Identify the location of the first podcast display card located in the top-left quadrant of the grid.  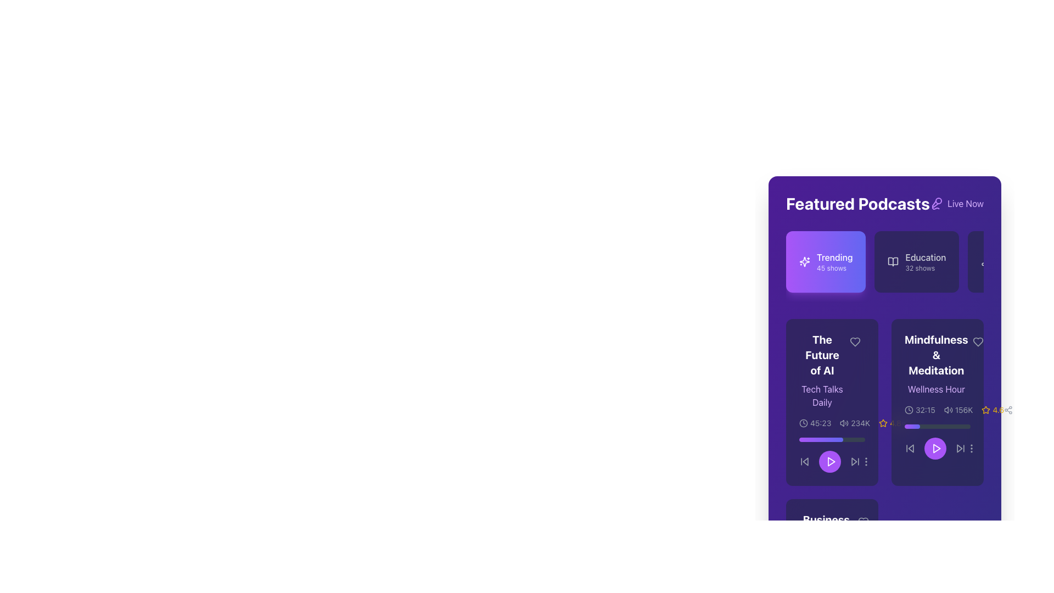
(832, 402).